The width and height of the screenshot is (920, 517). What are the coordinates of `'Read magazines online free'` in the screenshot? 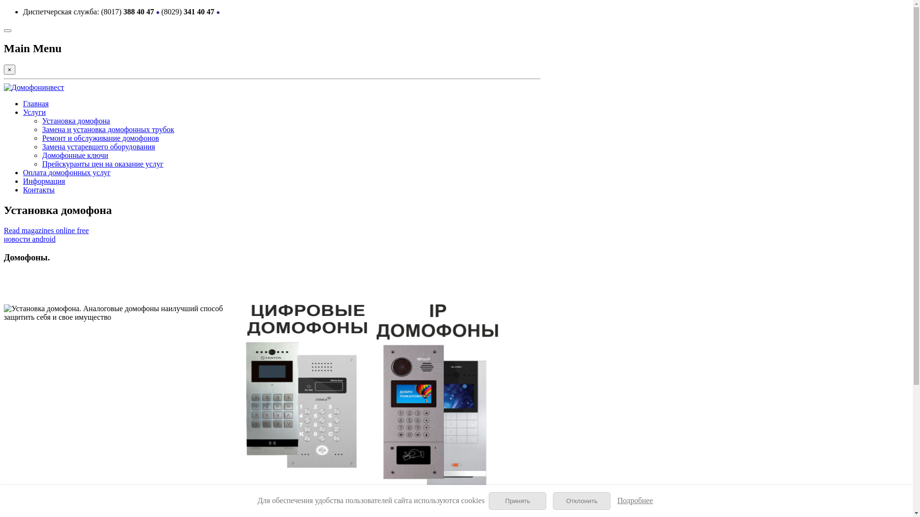 It's located at (46, 230).